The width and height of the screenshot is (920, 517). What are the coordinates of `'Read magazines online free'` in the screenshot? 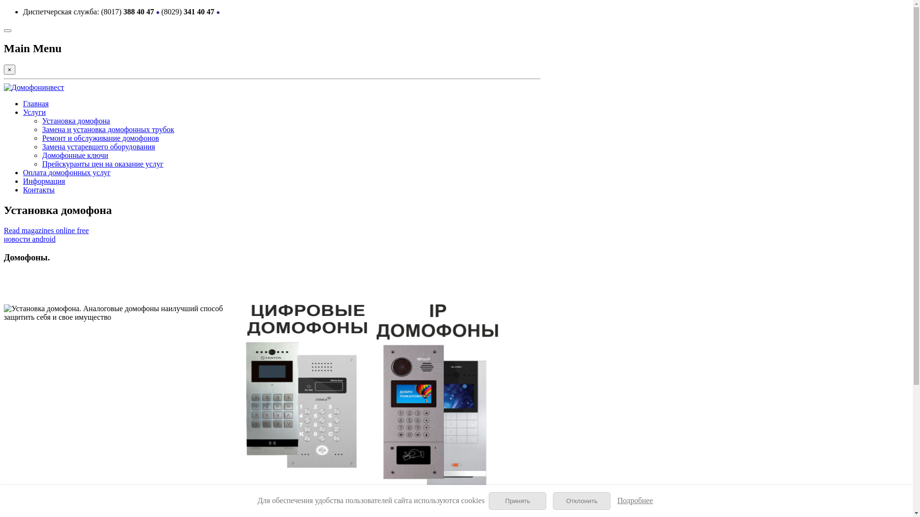 It's located at (46, 230).